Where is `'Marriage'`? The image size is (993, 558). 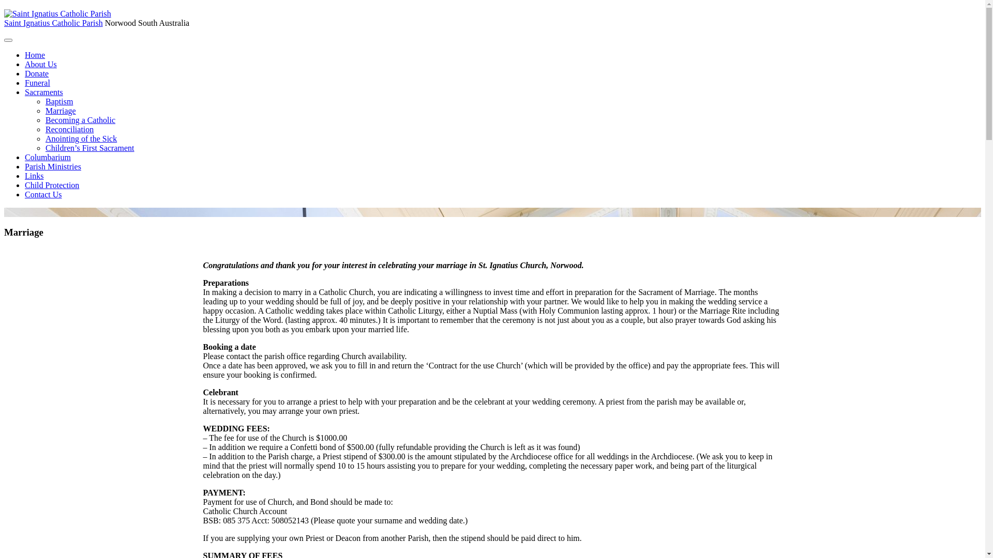
'Marriage' is located at coordinates (60, 111).